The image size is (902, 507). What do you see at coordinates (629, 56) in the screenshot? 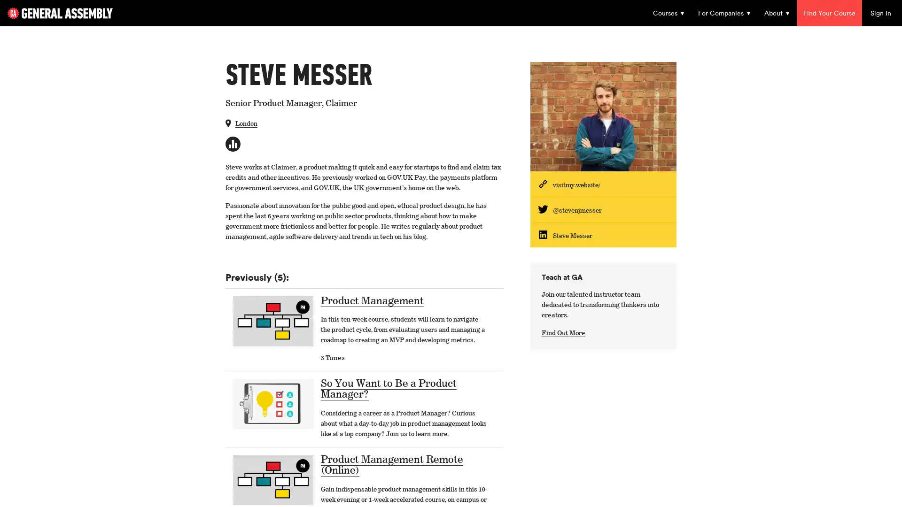
I see `Close` at bounding box center [629, 56].